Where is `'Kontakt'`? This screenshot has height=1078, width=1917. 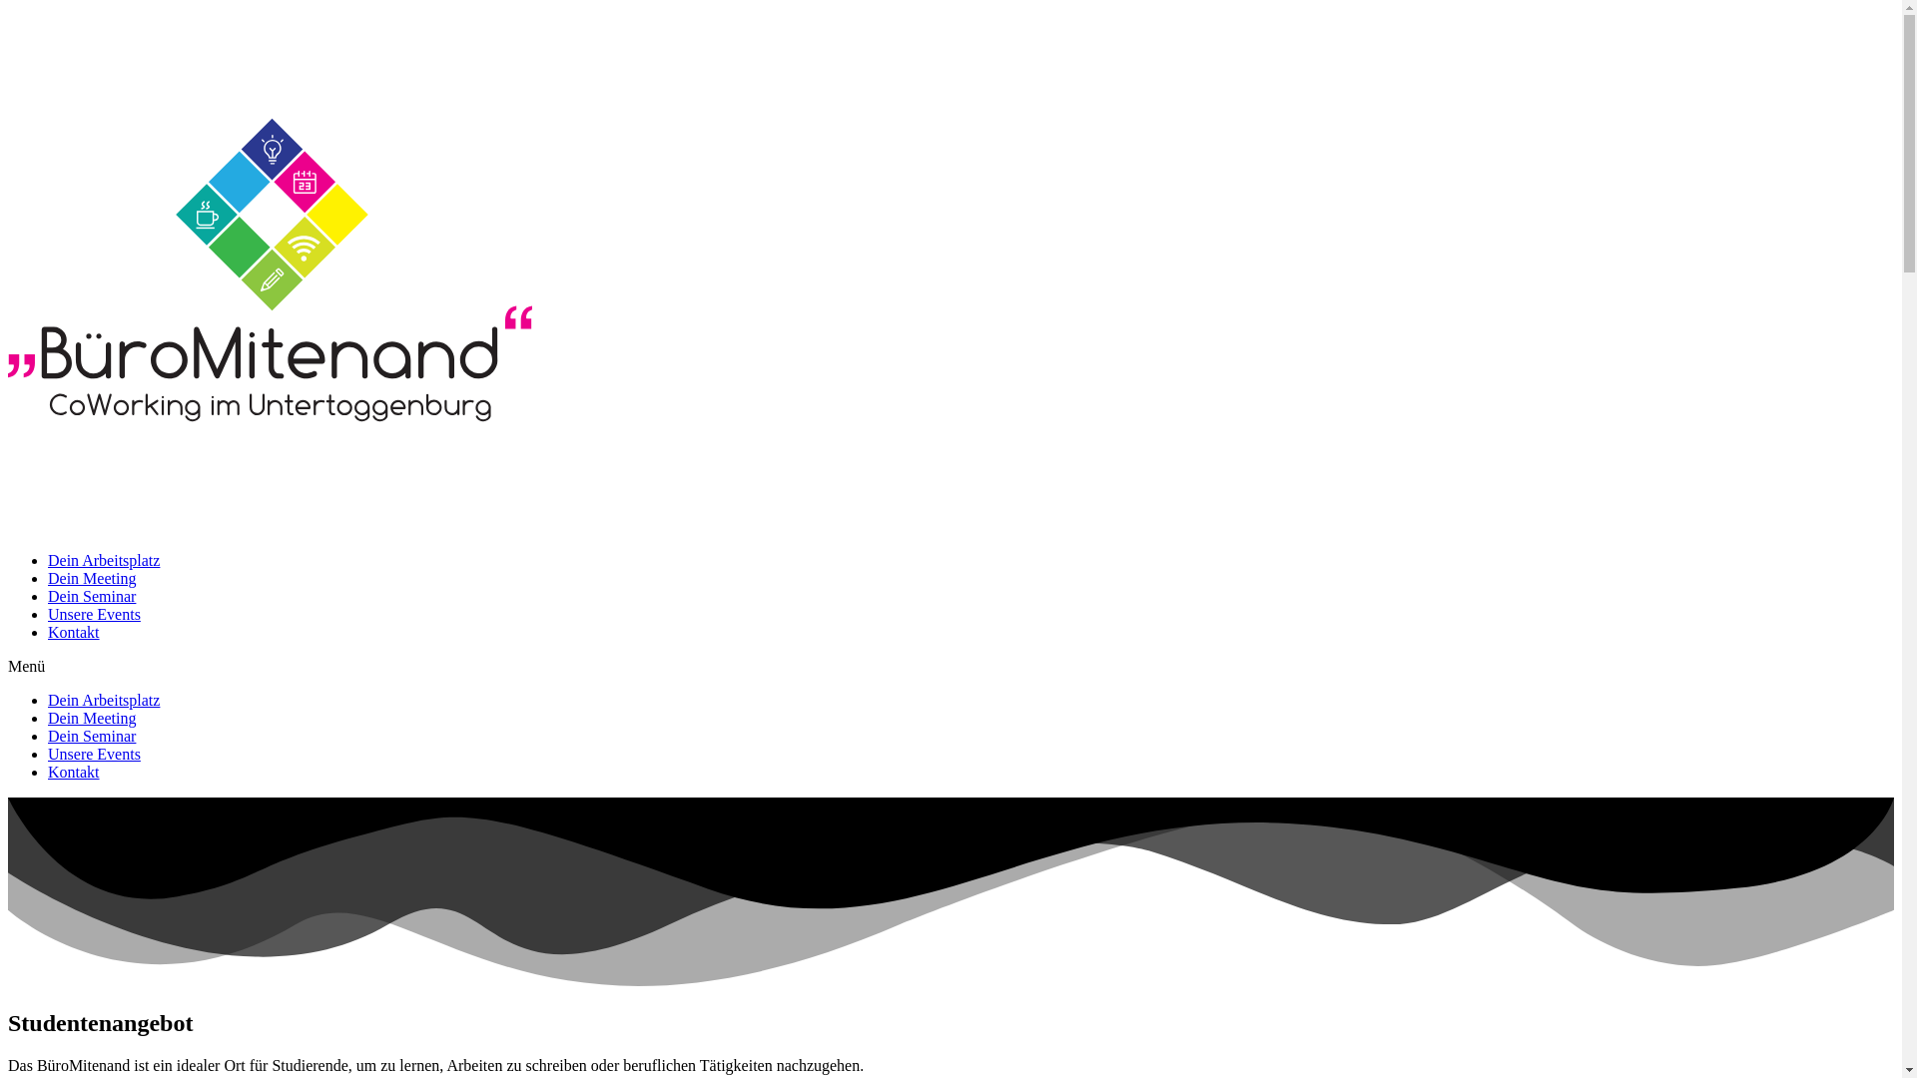 'Kontakt' is located at coordinates (48, 632).